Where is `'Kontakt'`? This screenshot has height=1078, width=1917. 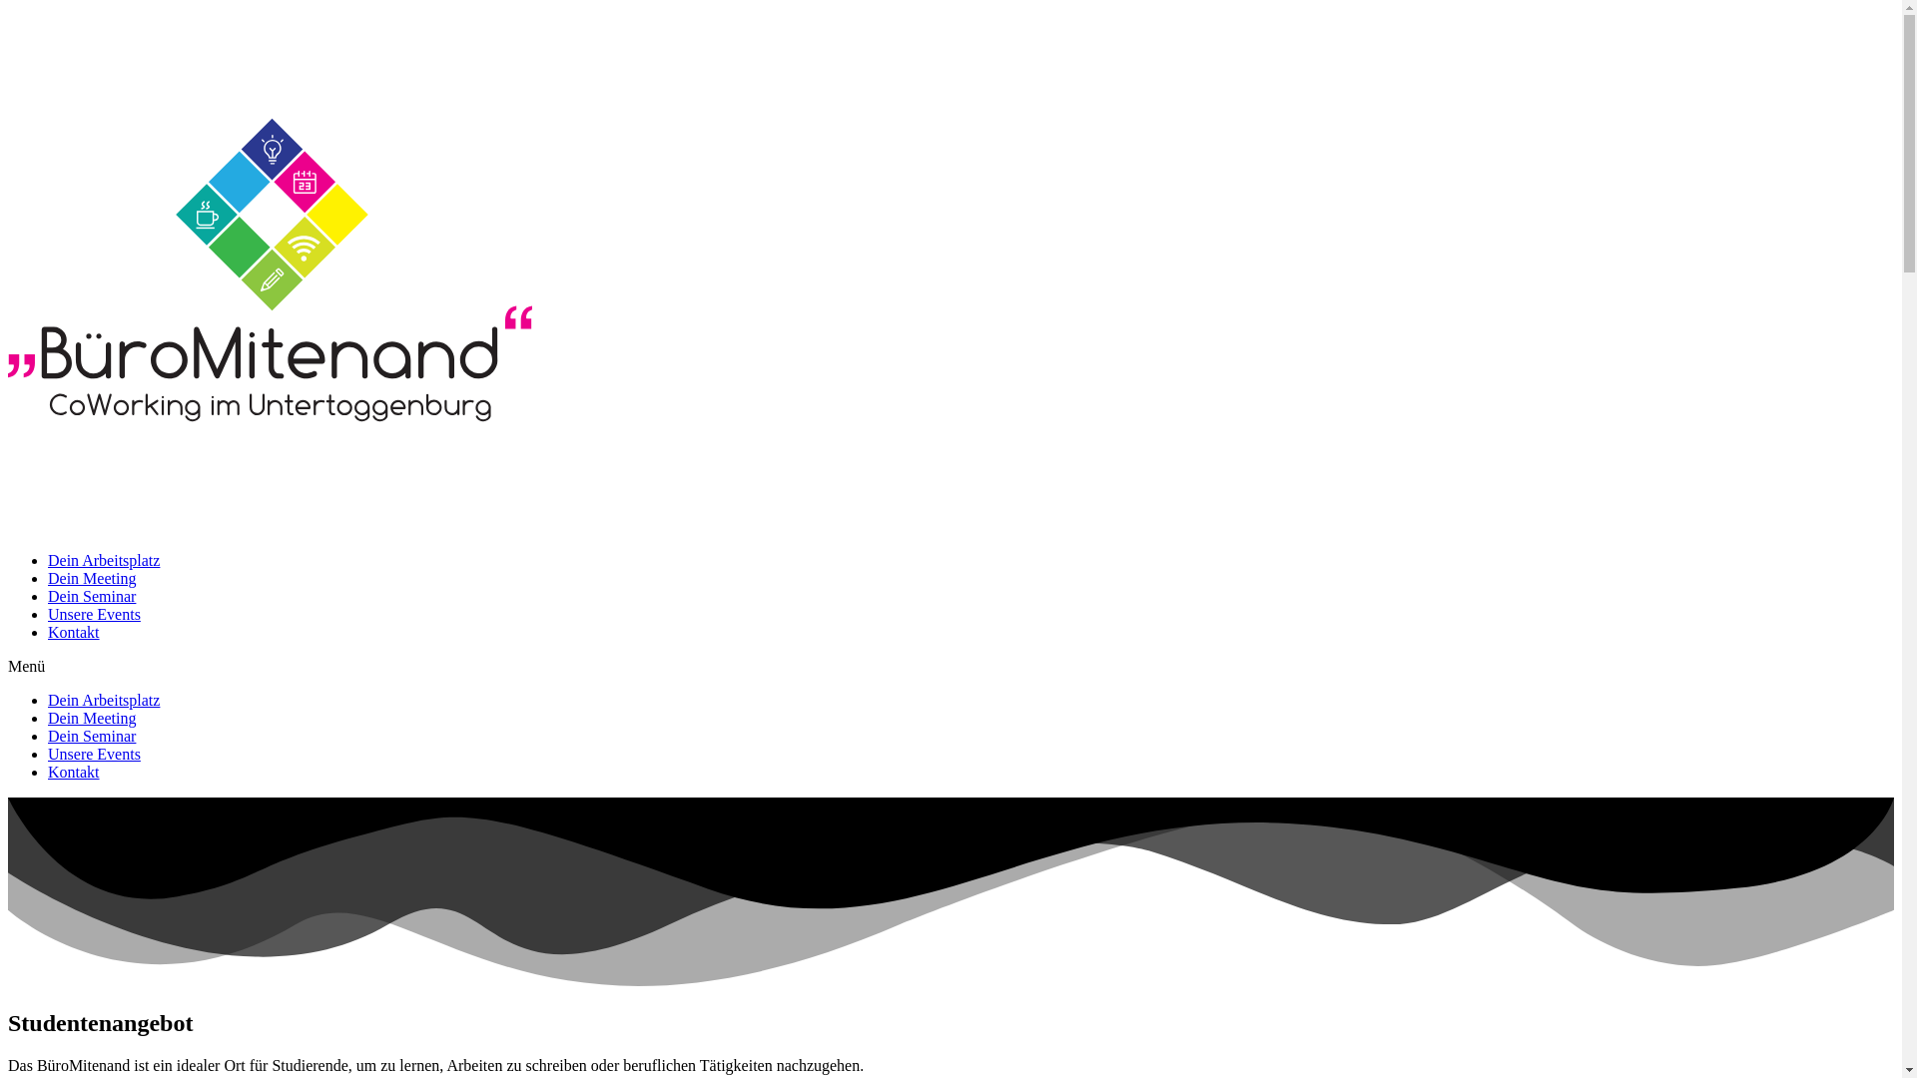 'Kontakt' is located at coordinates (48, 632).